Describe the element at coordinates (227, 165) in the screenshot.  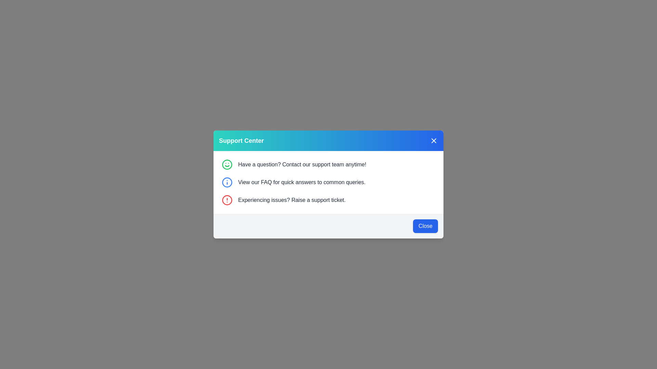
I see `the visual appearance of the circular smiling face icon outlined in green, located next to the text 'Have a question? Contact our support team anytime!'` at that location.